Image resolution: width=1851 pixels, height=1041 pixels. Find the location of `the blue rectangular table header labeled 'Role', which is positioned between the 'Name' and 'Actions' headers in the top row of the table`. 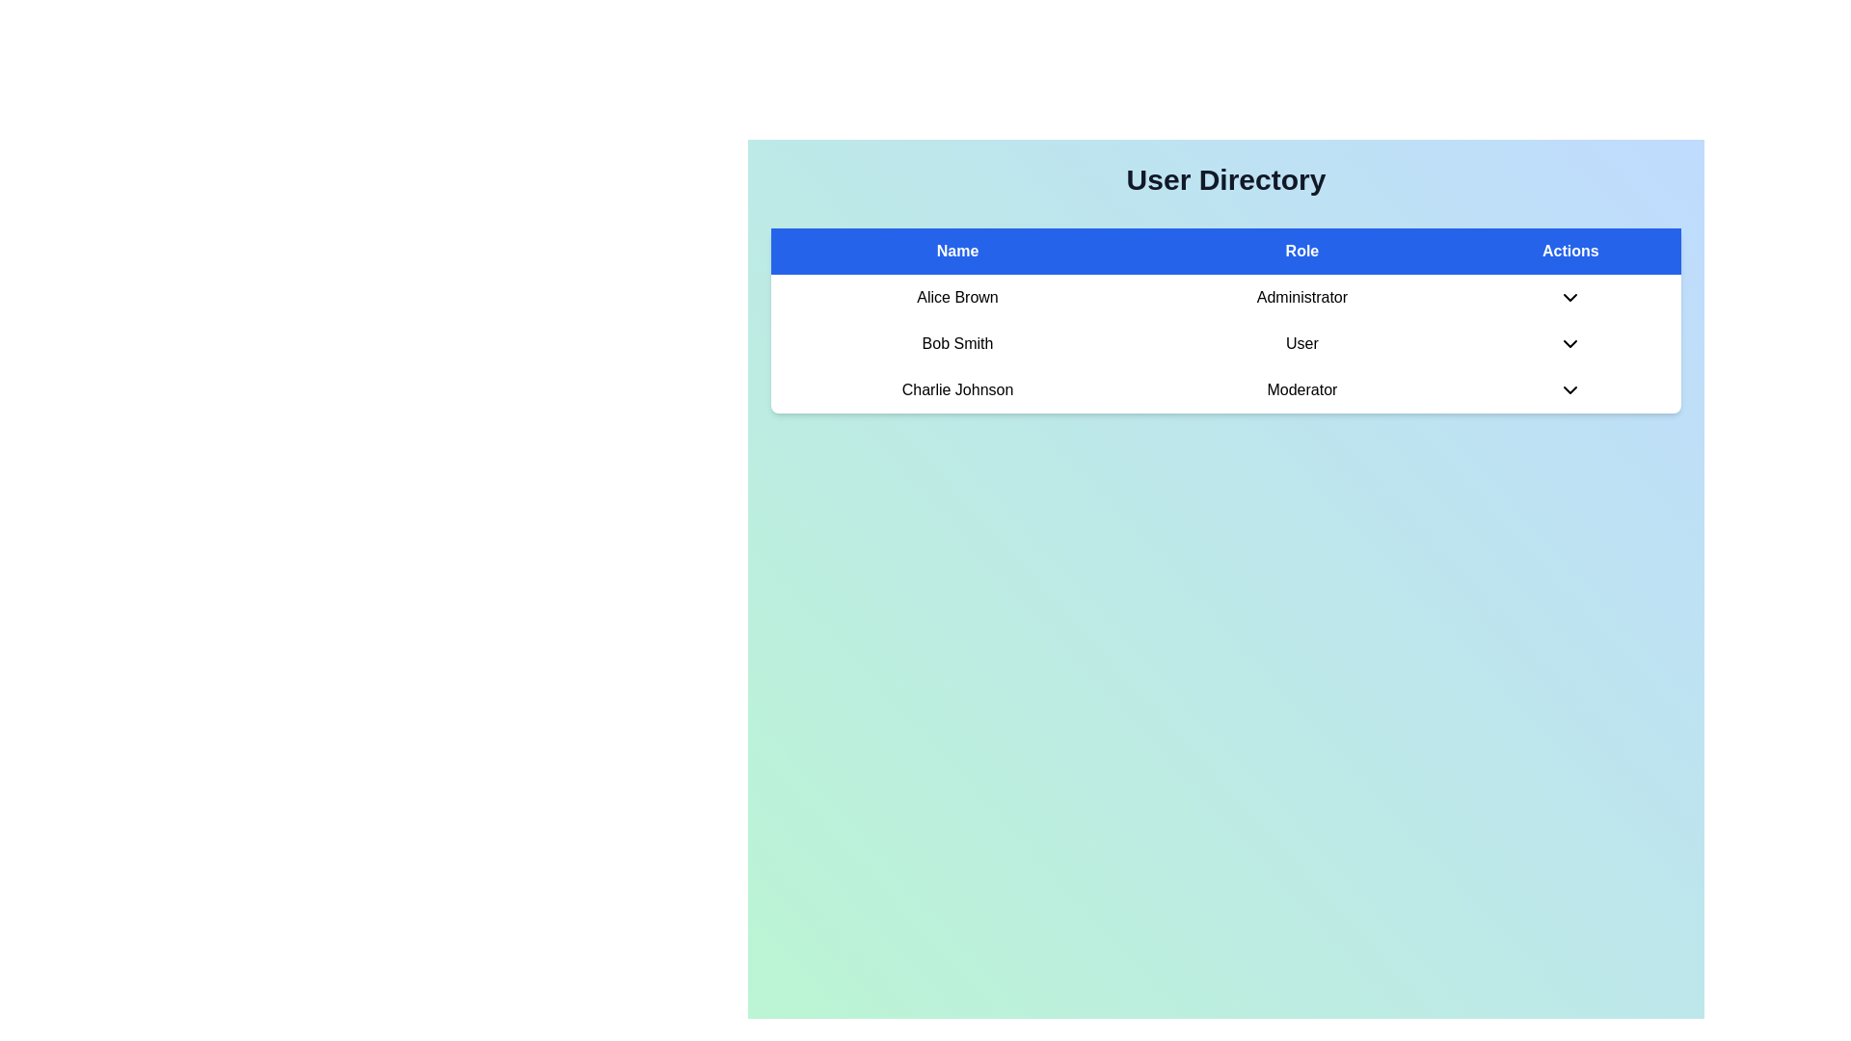

the blue rectangular table header labeled 'Role', which is positioned between the 'Name' and 'Actions' headers in the top row of the table is located at coordinates (1301, 251).